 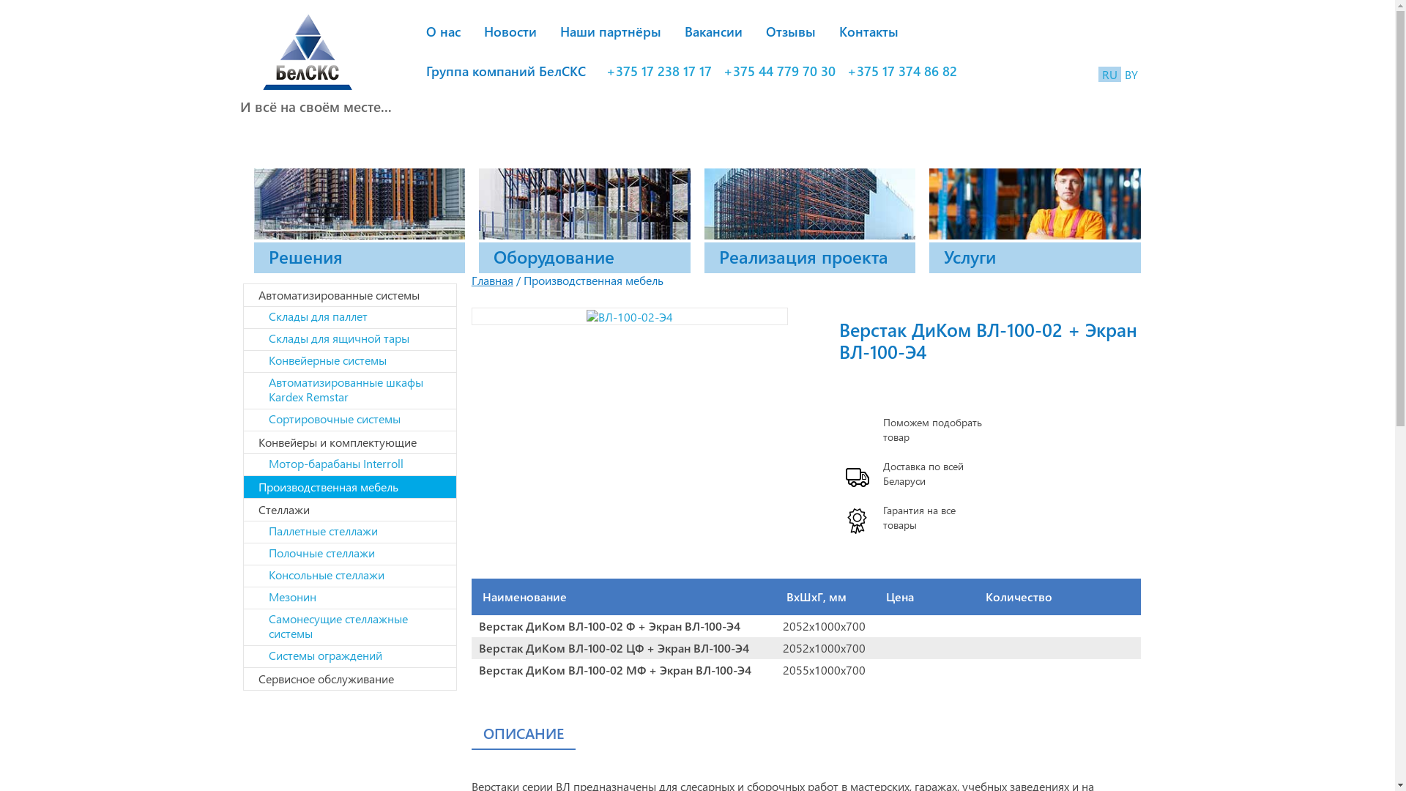 What do you see at coordinates (901, 70) in the screenshot?
I see `'+375 17 374 86 82'` at bounding box center [901, 70].